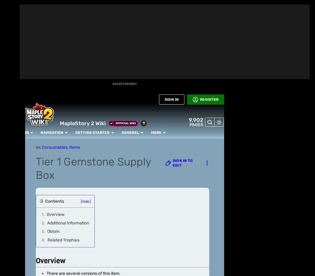  Describe the element at coordinates (7, 63) in the screenshot. I see `'BETA'` at that location.